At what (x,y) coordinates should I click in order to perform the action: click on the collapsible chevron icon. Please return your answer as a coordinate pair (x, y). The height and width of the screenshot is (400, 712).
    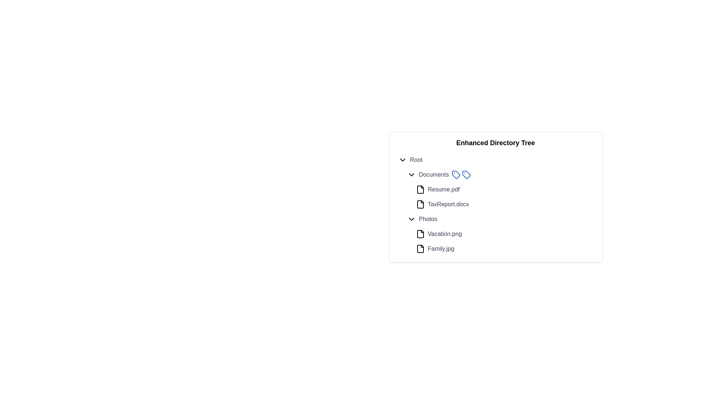
    Looking at the image, I should click on (411, 174).